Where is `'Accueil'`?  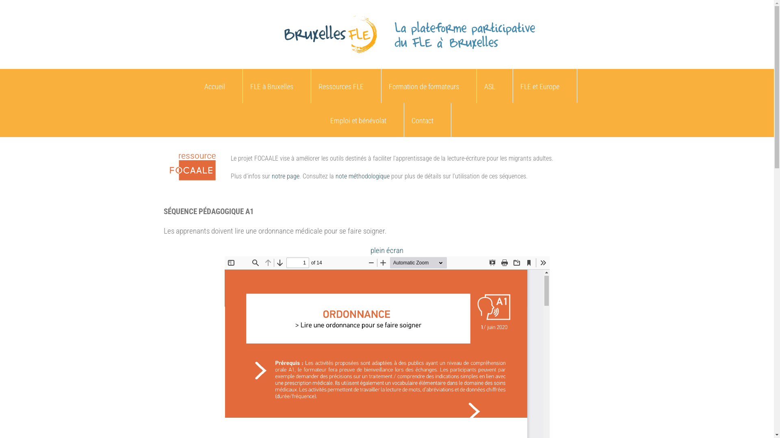 'Accueil' is located at coordinates (214, 86).